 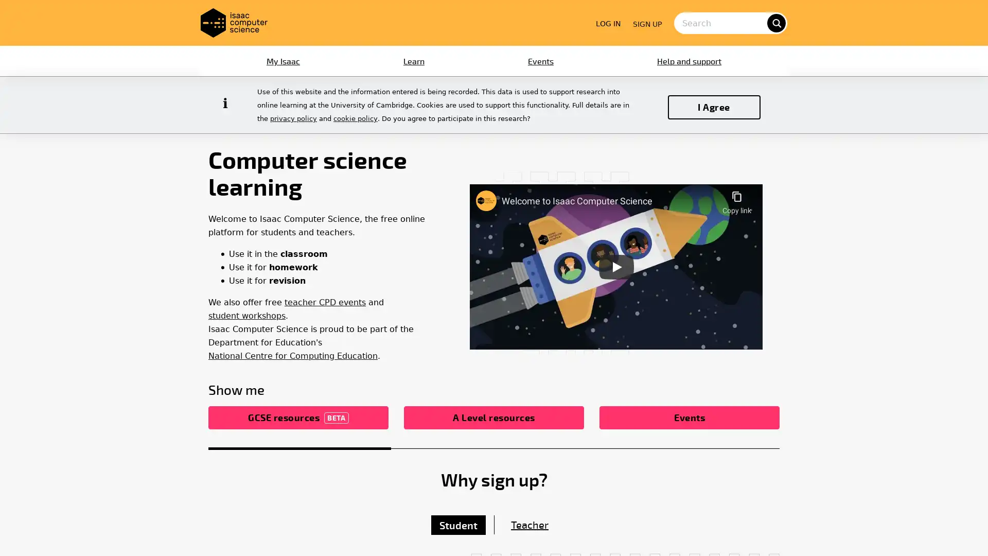 I want to click on I Agree, so click(x=713, y=107).